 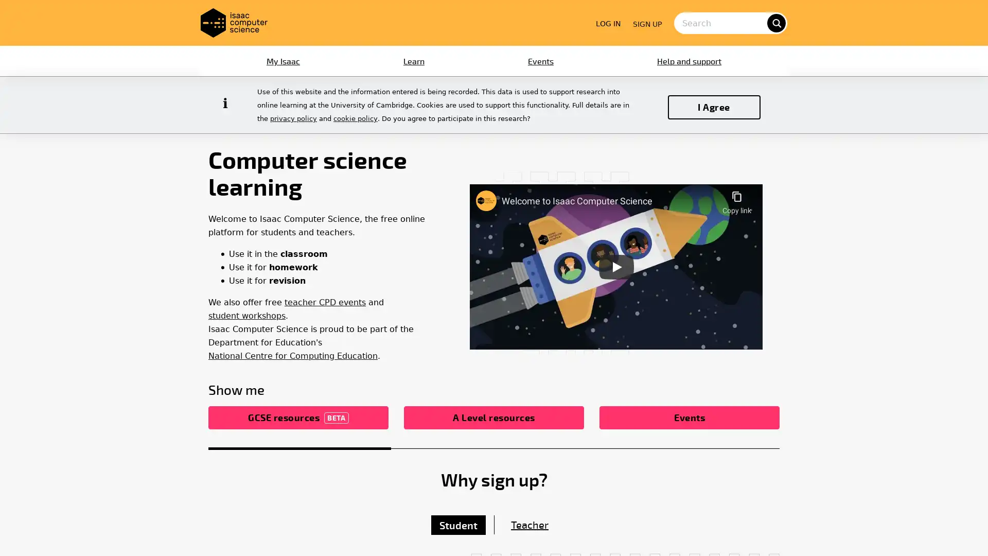 I want to click on I Agree, so click(x=713, y=107).